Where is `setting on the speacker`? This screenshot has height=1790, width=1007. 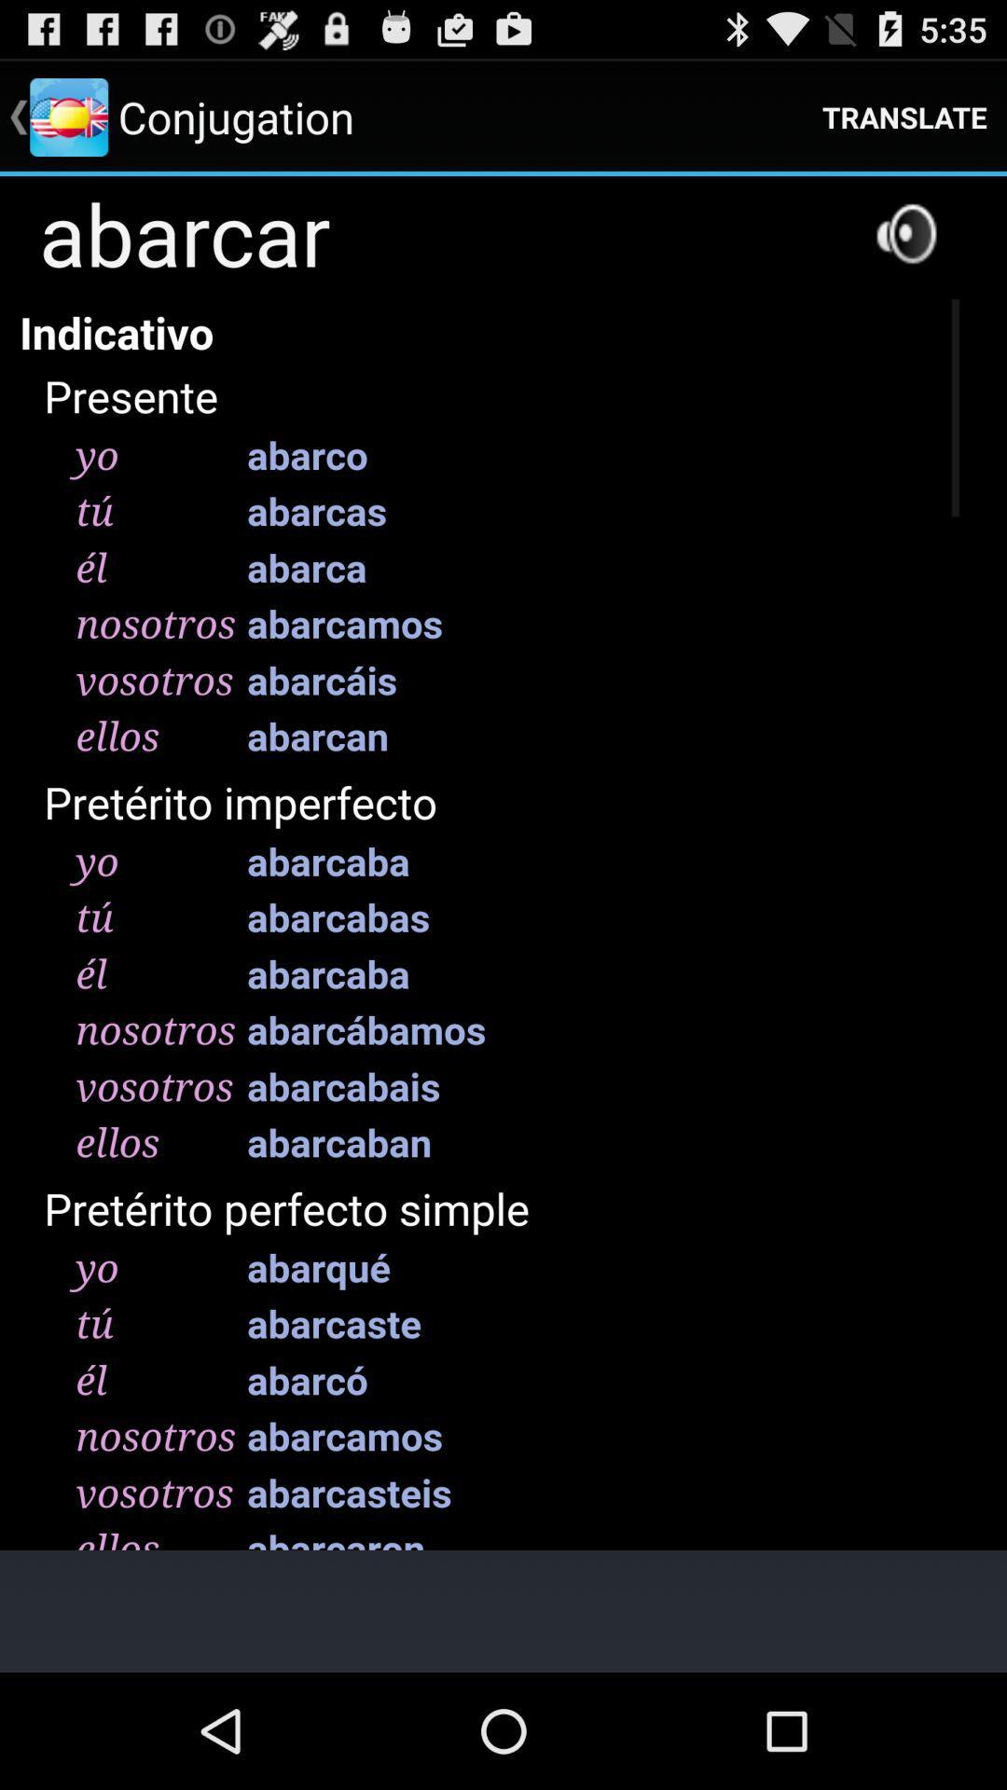 setting on the speacker is located at coordinates (905, 232).